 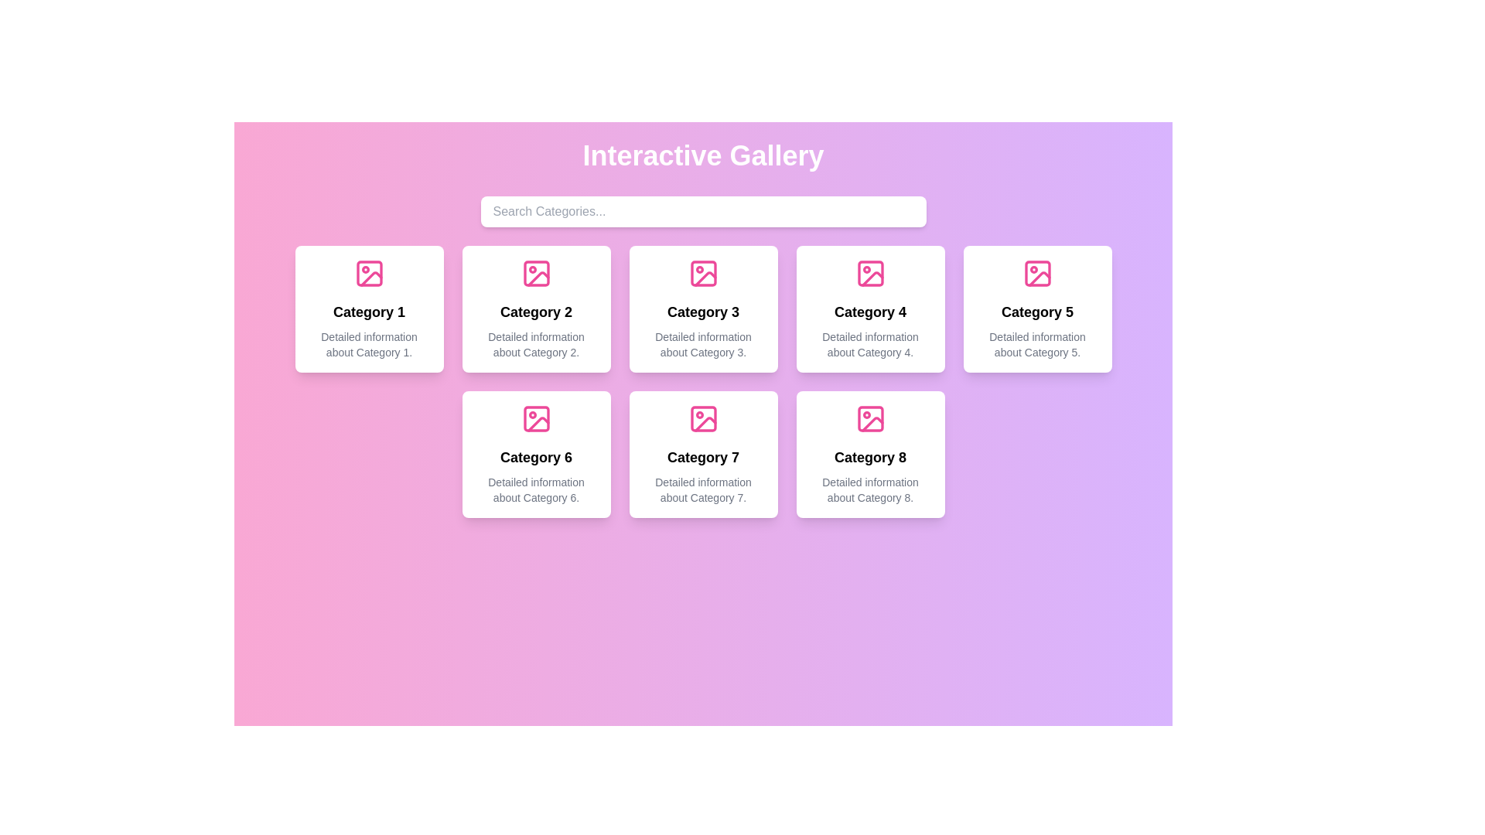 What do you see at coordinates (872, 423) in the screenshot?
I see `the curved triangular-shaped line segment within the SVG icon that denotes an image, located at the top of the card labeled 'Category 8'` at bounding box center [872, 423].